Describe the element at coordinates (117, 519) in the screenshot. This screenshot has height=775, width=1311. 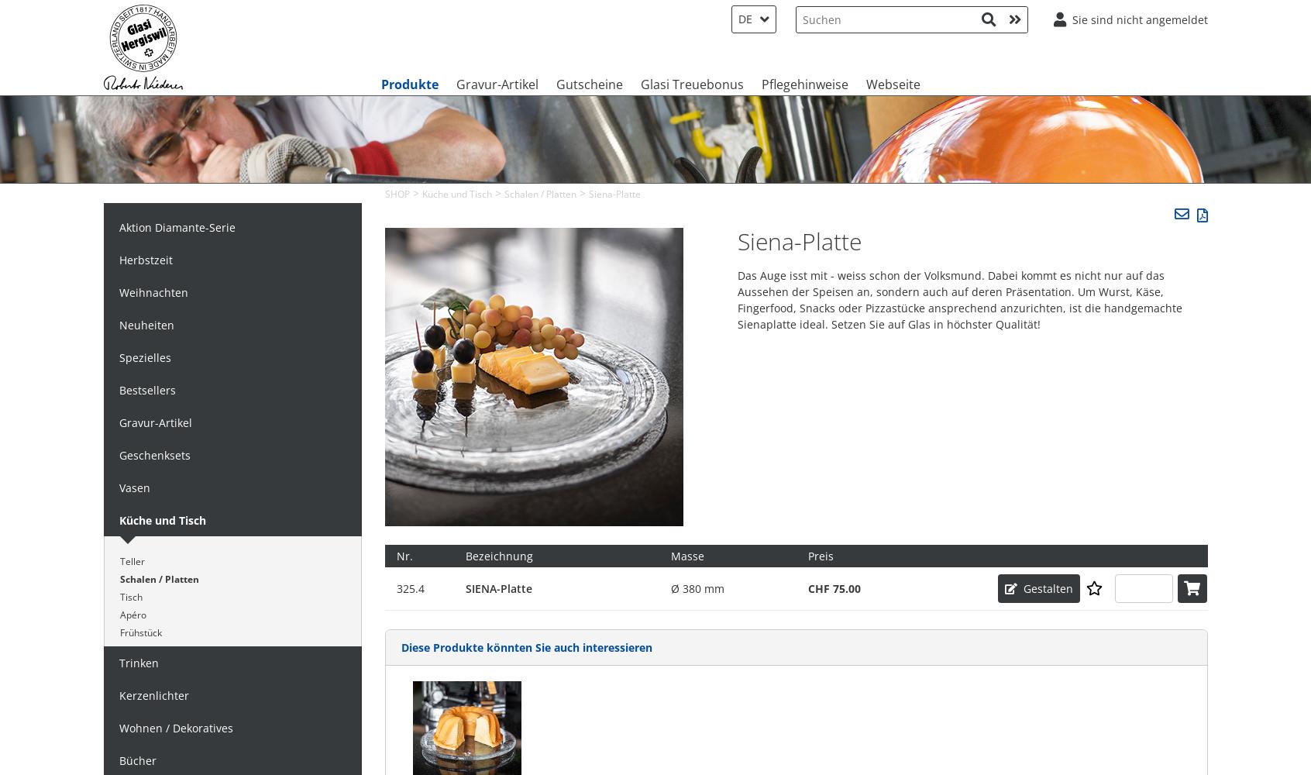
I see `'Küche und Tisch'` at that location.